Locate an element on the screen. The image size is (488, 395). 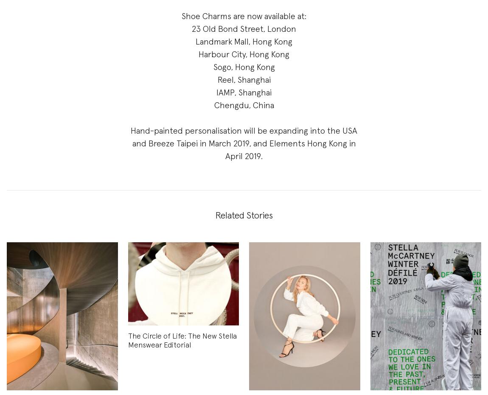
'Landmark Mall, Hong Kong' is located at coordinates (244, 42).